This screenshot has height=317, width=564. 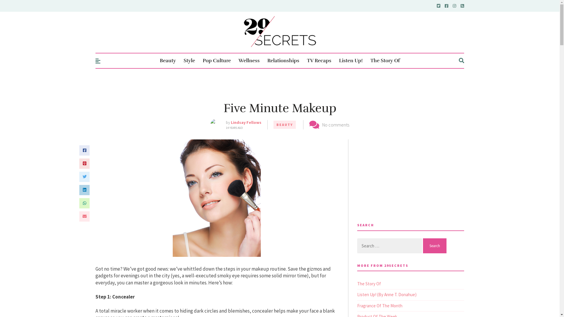 What do you see at coordinates (380, 305) in the screenshot?
I see `'Fragrance Of The Month'` at bounding box center [380, 305].